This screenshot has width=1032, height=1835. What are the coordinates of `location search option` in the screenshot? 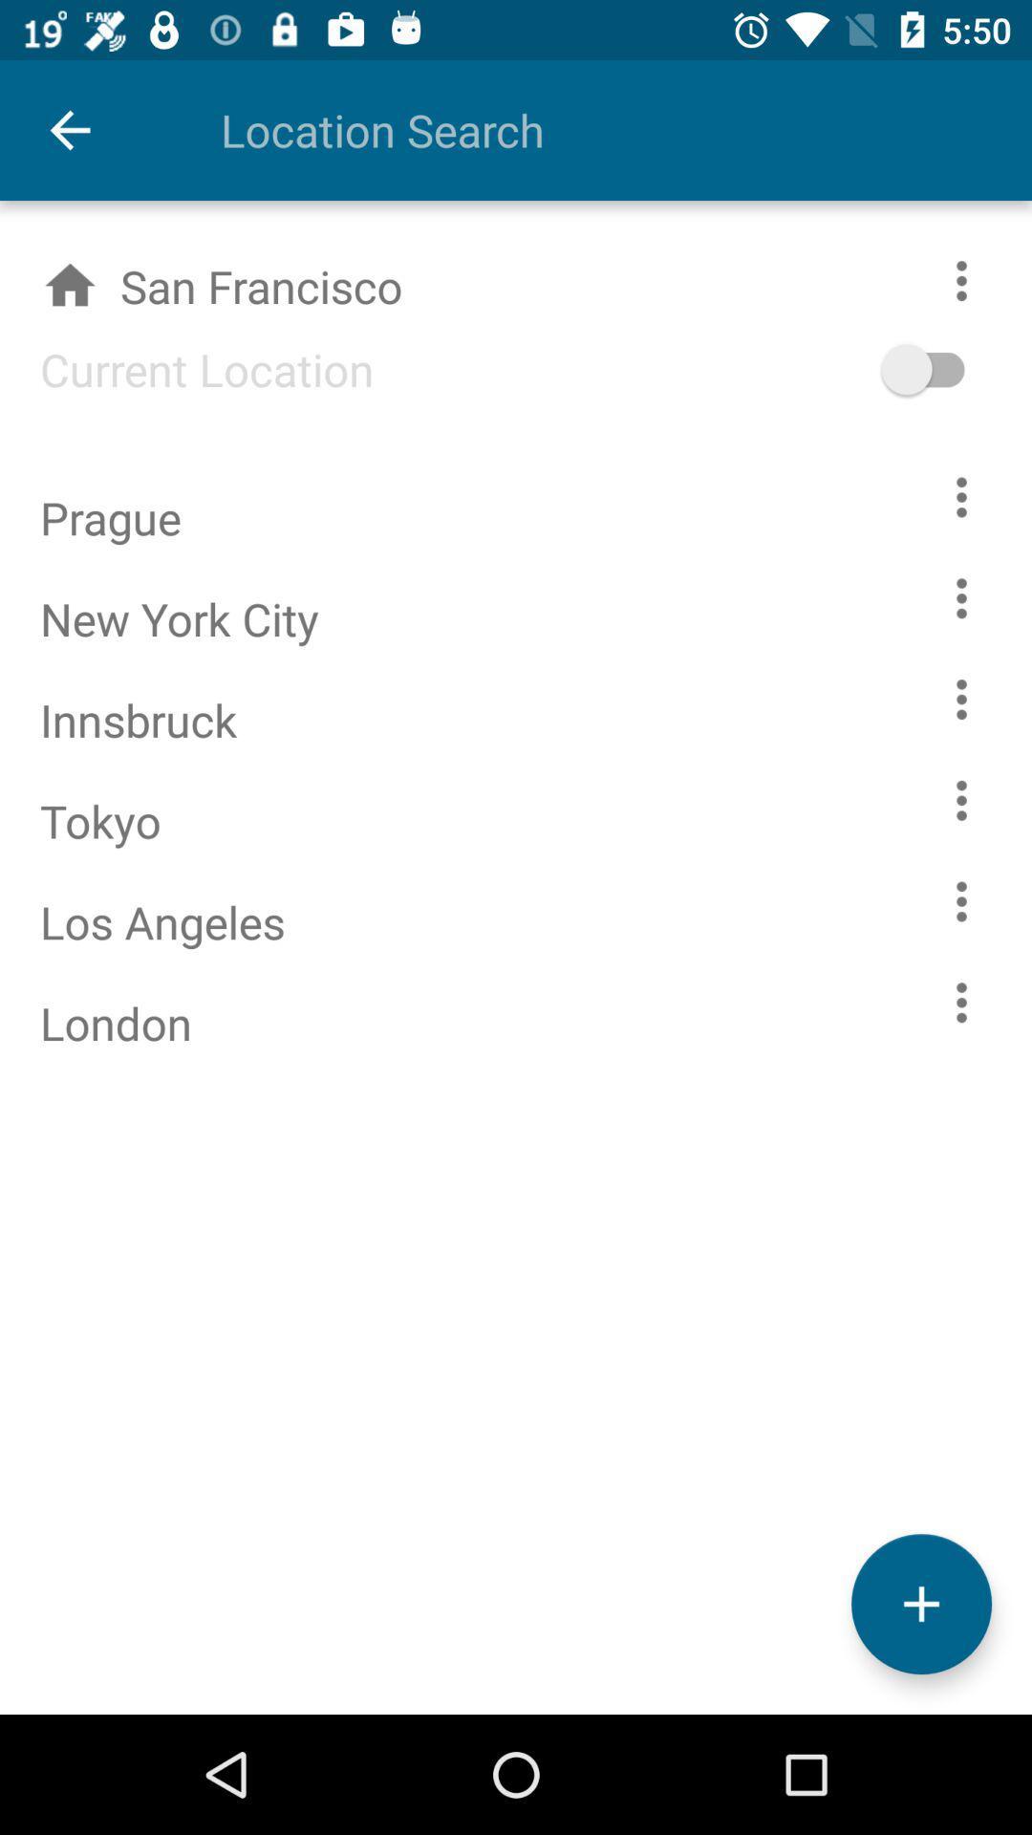 It's located at (585, 129).